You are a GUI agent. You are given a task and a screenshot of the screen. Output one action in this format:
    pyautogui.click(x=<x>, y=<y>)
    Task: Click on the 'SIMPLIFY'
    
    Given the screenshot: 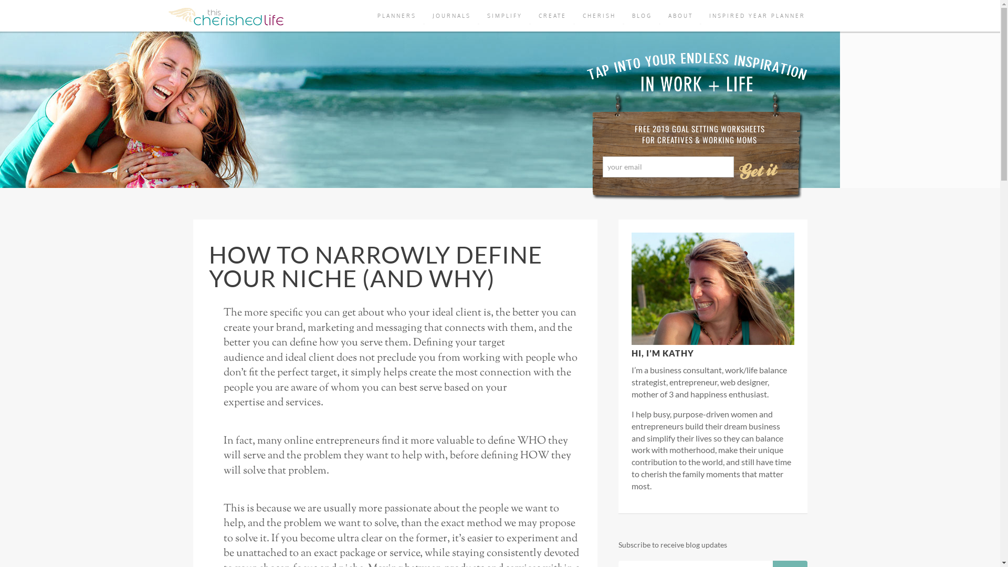 What is the action you would take?
    pyautogui.click(x=505, y=16)
    